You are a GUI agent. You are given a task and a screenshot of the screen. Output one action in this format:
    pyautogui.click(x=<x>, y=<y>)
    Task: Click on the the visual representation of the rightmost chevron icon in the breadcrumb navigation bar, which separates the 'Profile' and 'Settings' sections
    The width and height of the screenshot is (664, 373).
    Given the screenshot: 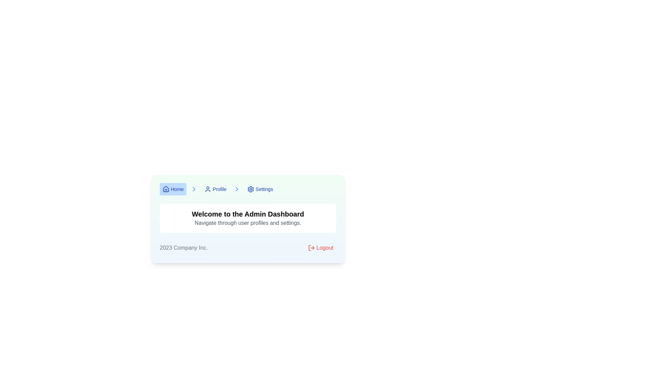 What is the action you would take?
    pyautogui.click(x=237, y=189)
    